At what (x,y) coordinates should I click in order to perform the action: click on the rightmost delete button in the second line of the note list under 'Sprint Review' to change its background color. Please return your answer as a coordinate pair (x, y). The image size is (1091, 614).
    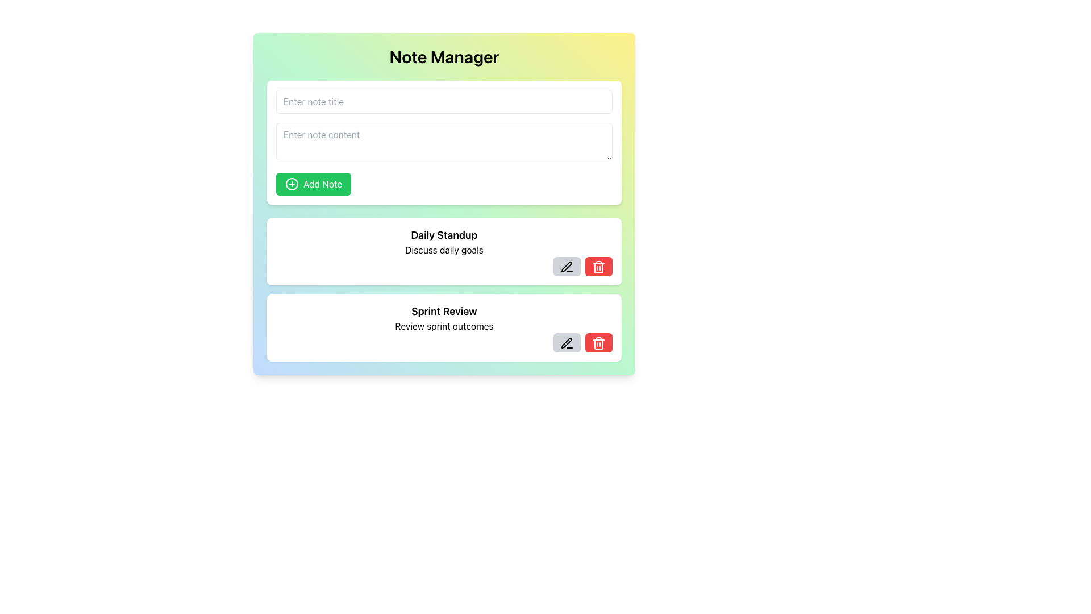
    Looking at the image, I should click on (598, 341).